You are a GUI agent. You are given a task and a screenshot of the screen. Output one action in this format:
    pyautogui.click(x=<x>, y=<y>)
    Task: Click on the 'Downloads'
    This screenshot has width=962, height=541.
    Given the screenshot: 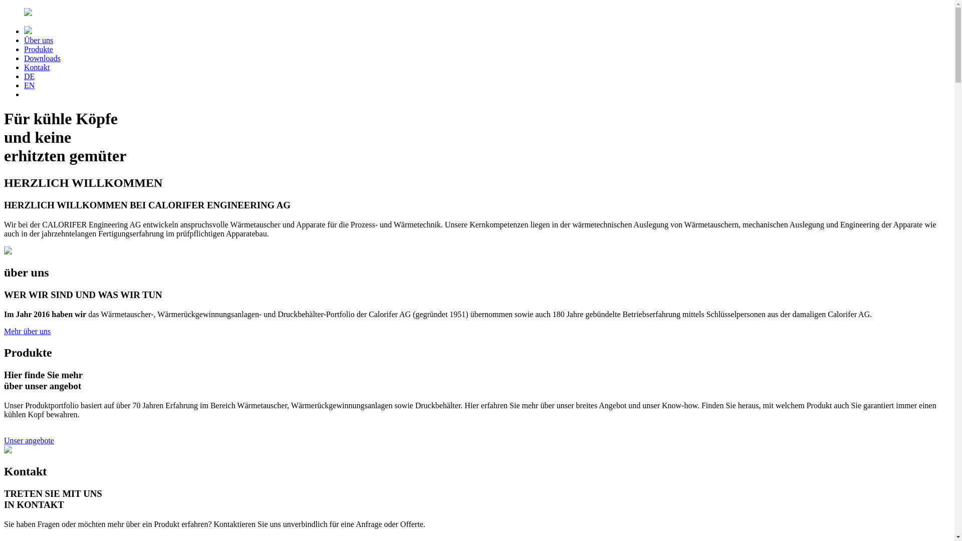 What is the action you would take?
    pyautogui.click(x=42, y=58)
    